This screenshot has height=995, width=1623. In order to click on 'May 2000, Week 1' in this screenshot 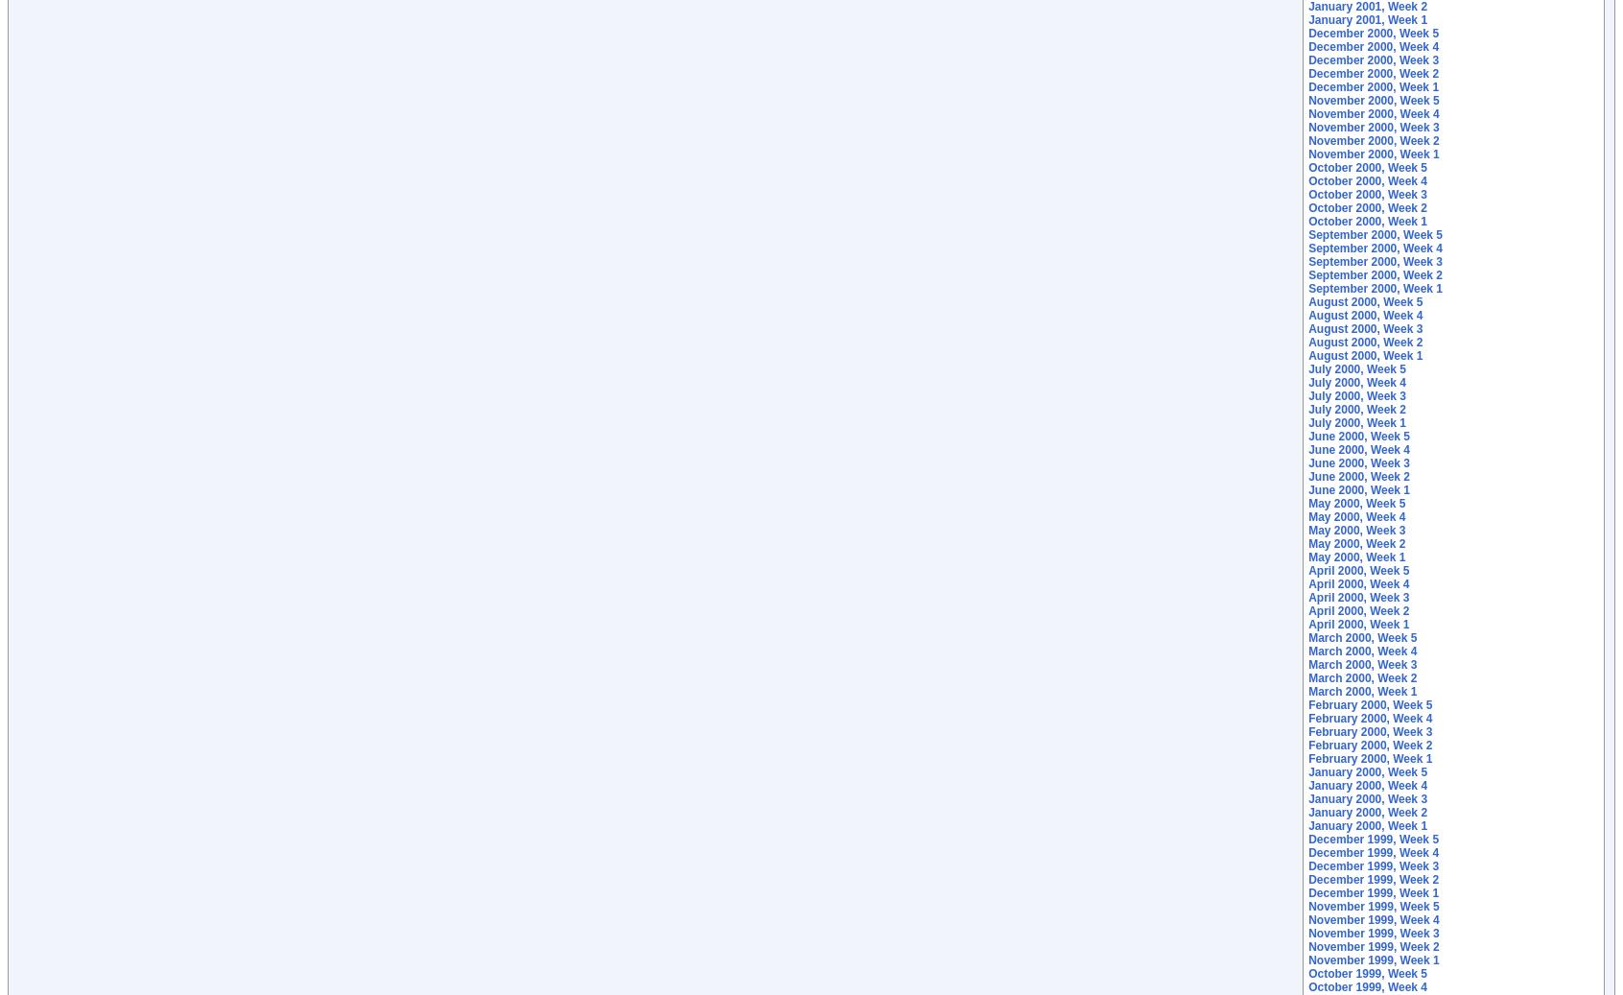, I will do `click(1355, 557)`.